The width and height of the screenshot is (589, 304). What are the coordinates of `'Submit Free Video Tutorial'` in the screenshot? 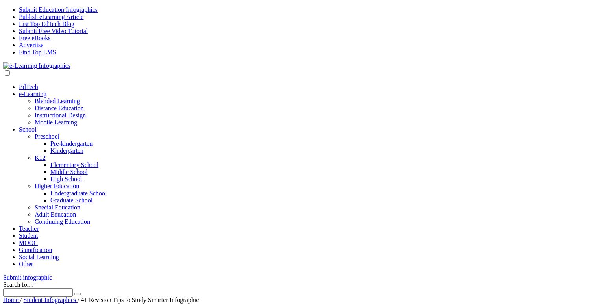 It's located at (53, 31).